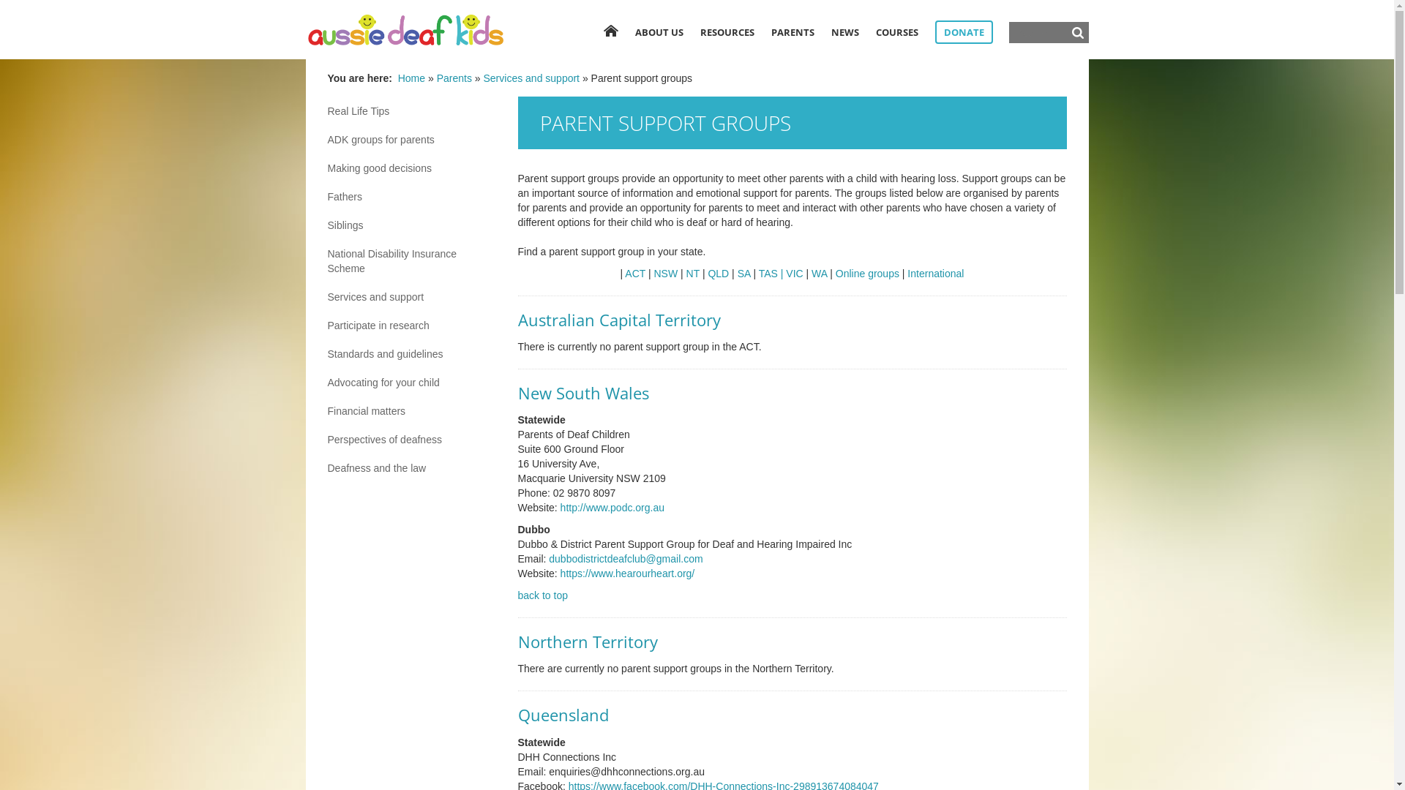 This screenshot has height=790, width=1405. I want to click on 'Advocating for your child', so click(411, 382).